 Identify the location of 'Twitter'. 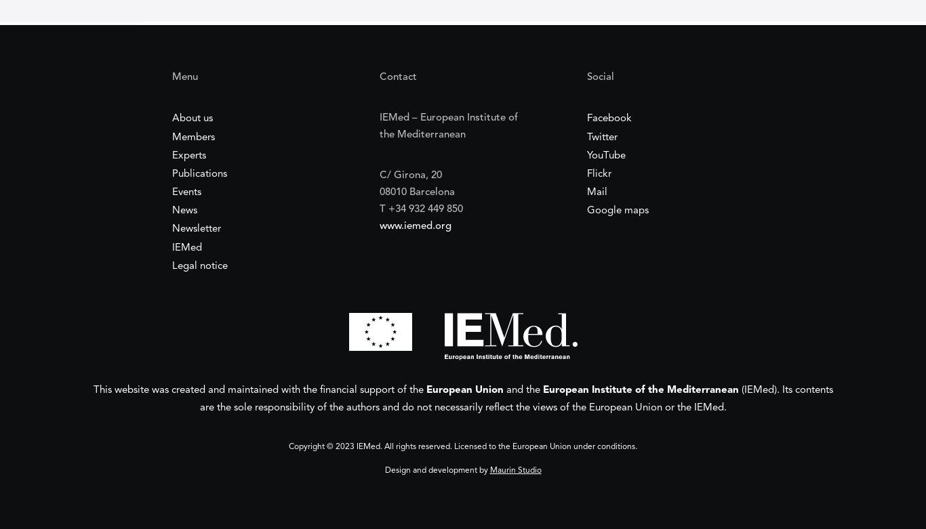
(586, 136).